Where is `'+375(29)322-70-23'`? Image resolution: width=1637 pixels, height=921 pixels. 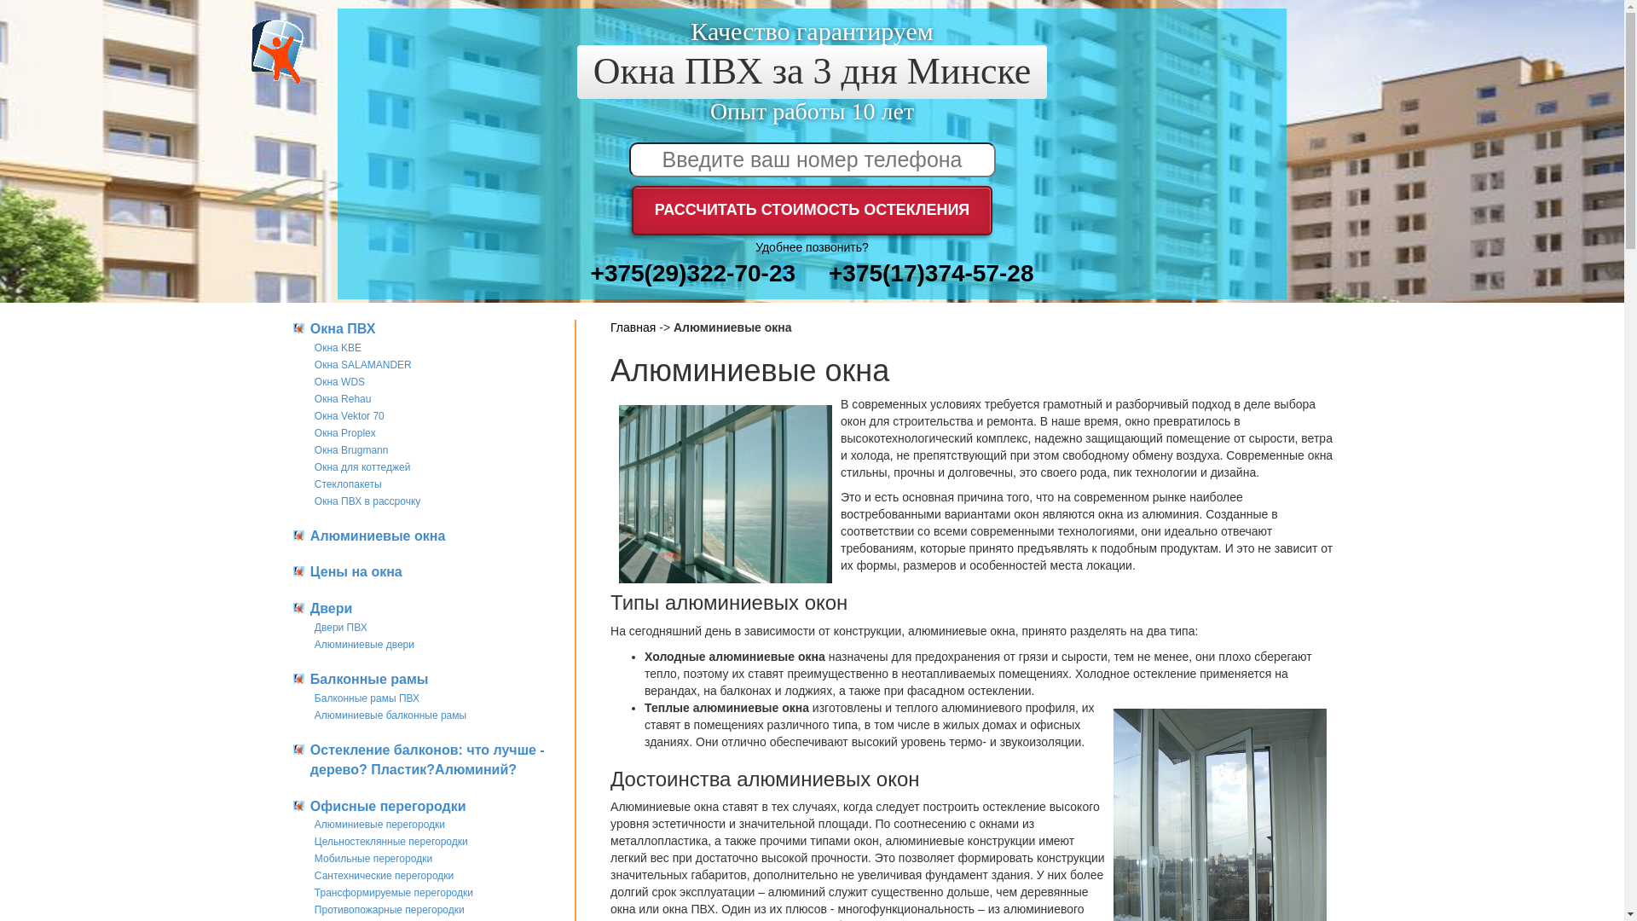
'+375(29)322-70-23' is located at coordinates (693, 272).